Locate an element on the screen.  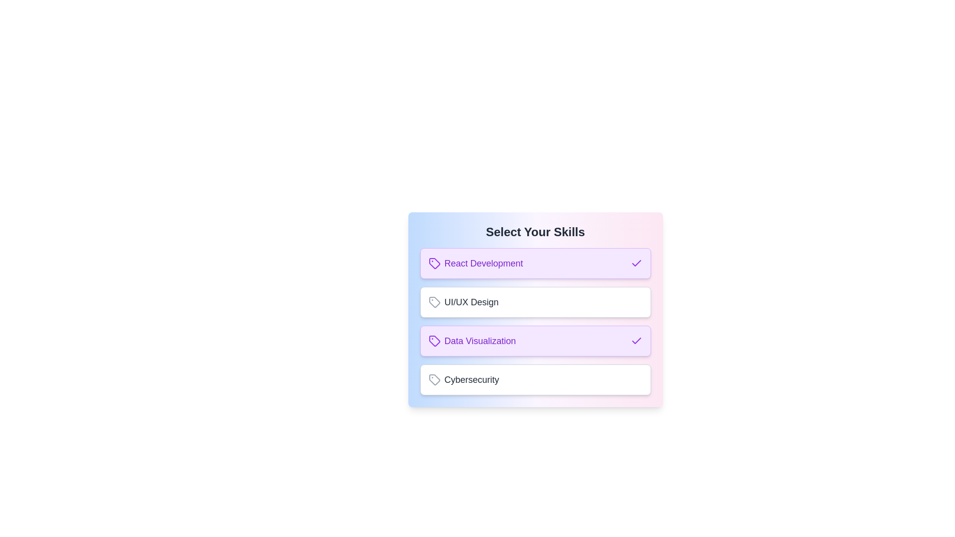
the skill React Development to observe visual feedback is located at coordinates (535, 263).